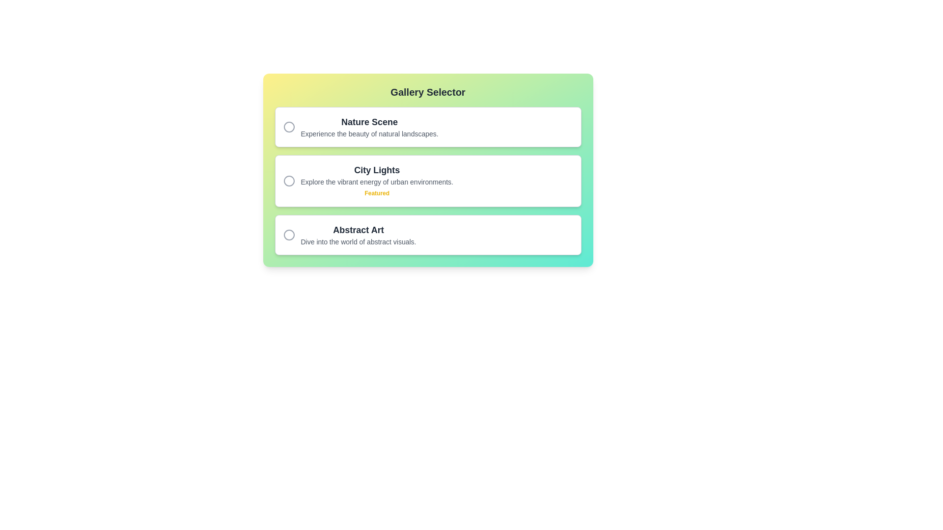  I want to click on the circular gray outlined radio button located to the left of the 'Abstract Art' text, so click(288, 235).